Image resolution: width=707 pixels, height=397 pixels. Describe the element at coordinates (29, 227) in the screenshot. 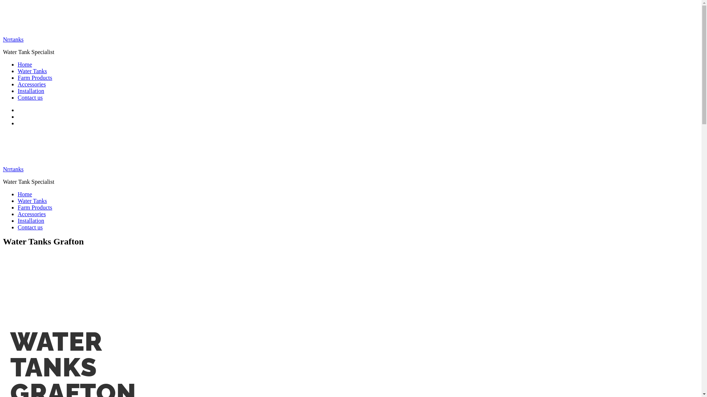

I see `'Contact us'` at that location.